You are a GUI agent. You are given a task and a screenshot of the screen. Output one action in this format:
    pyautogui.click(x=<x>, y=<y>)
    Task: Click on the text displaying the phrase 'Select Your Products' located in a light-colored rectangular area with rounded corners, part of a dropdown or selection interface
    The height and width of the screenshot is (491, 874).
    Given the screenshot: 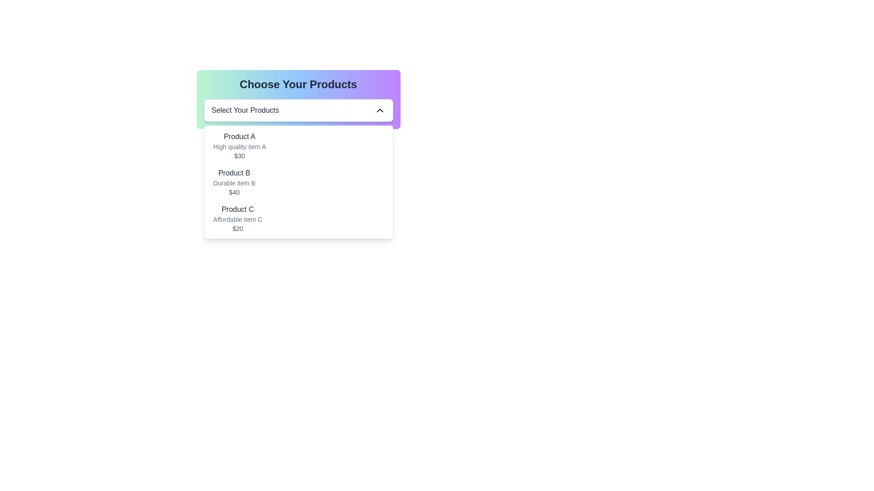 What is the action you would take?
    pyautogui.click(x=245, y=110)
    